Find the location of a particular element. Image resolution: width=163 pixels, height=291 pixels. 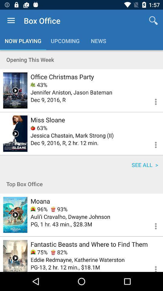

the moana is located at coordinates (40, 201).